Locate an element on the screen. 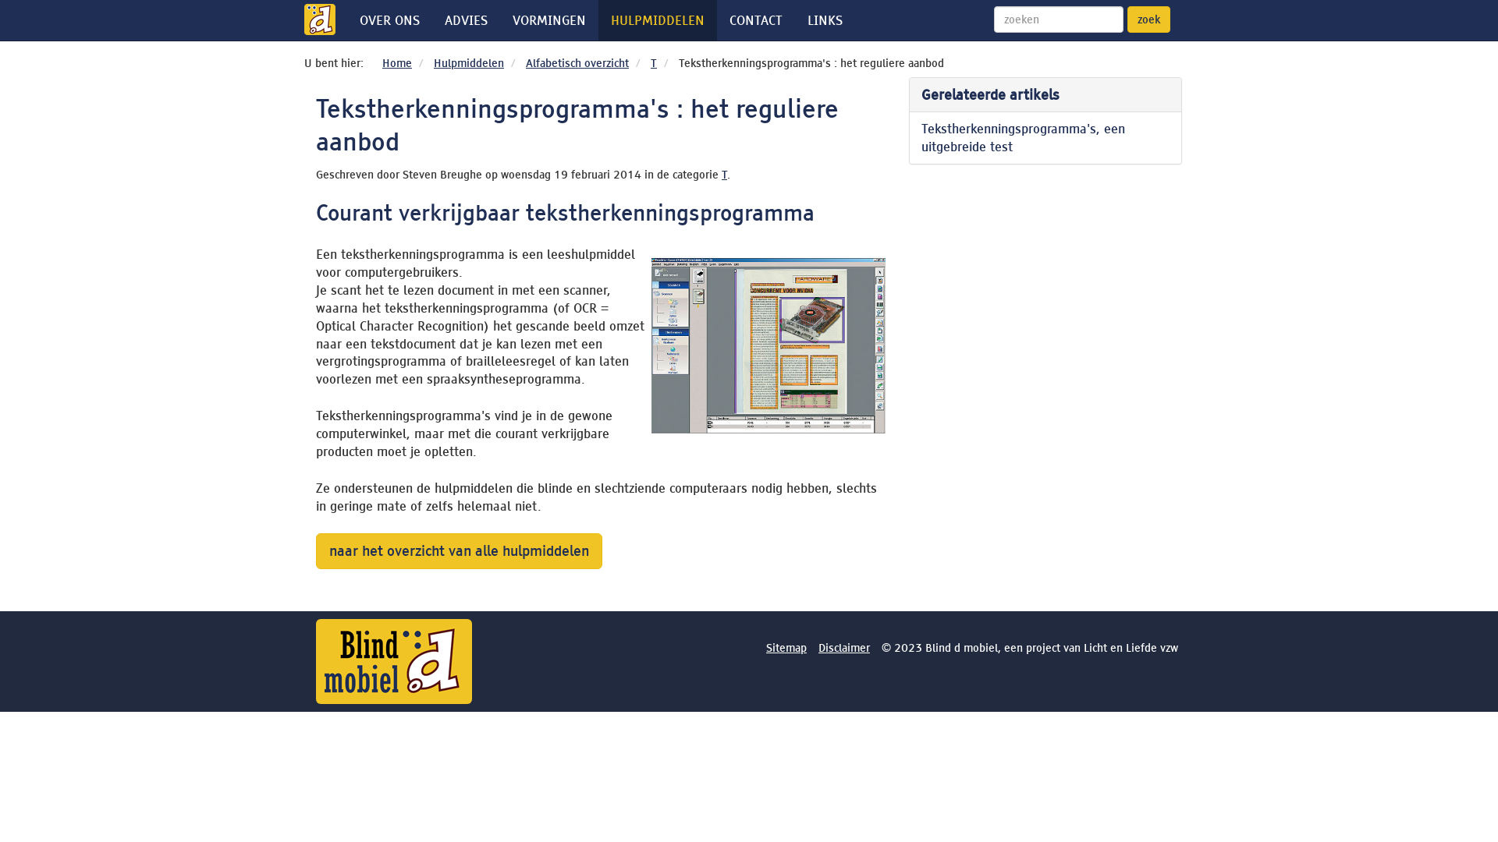 This screenshot has height=842, width=1498. 'ADVIES' is located at coordinates (465, 20).